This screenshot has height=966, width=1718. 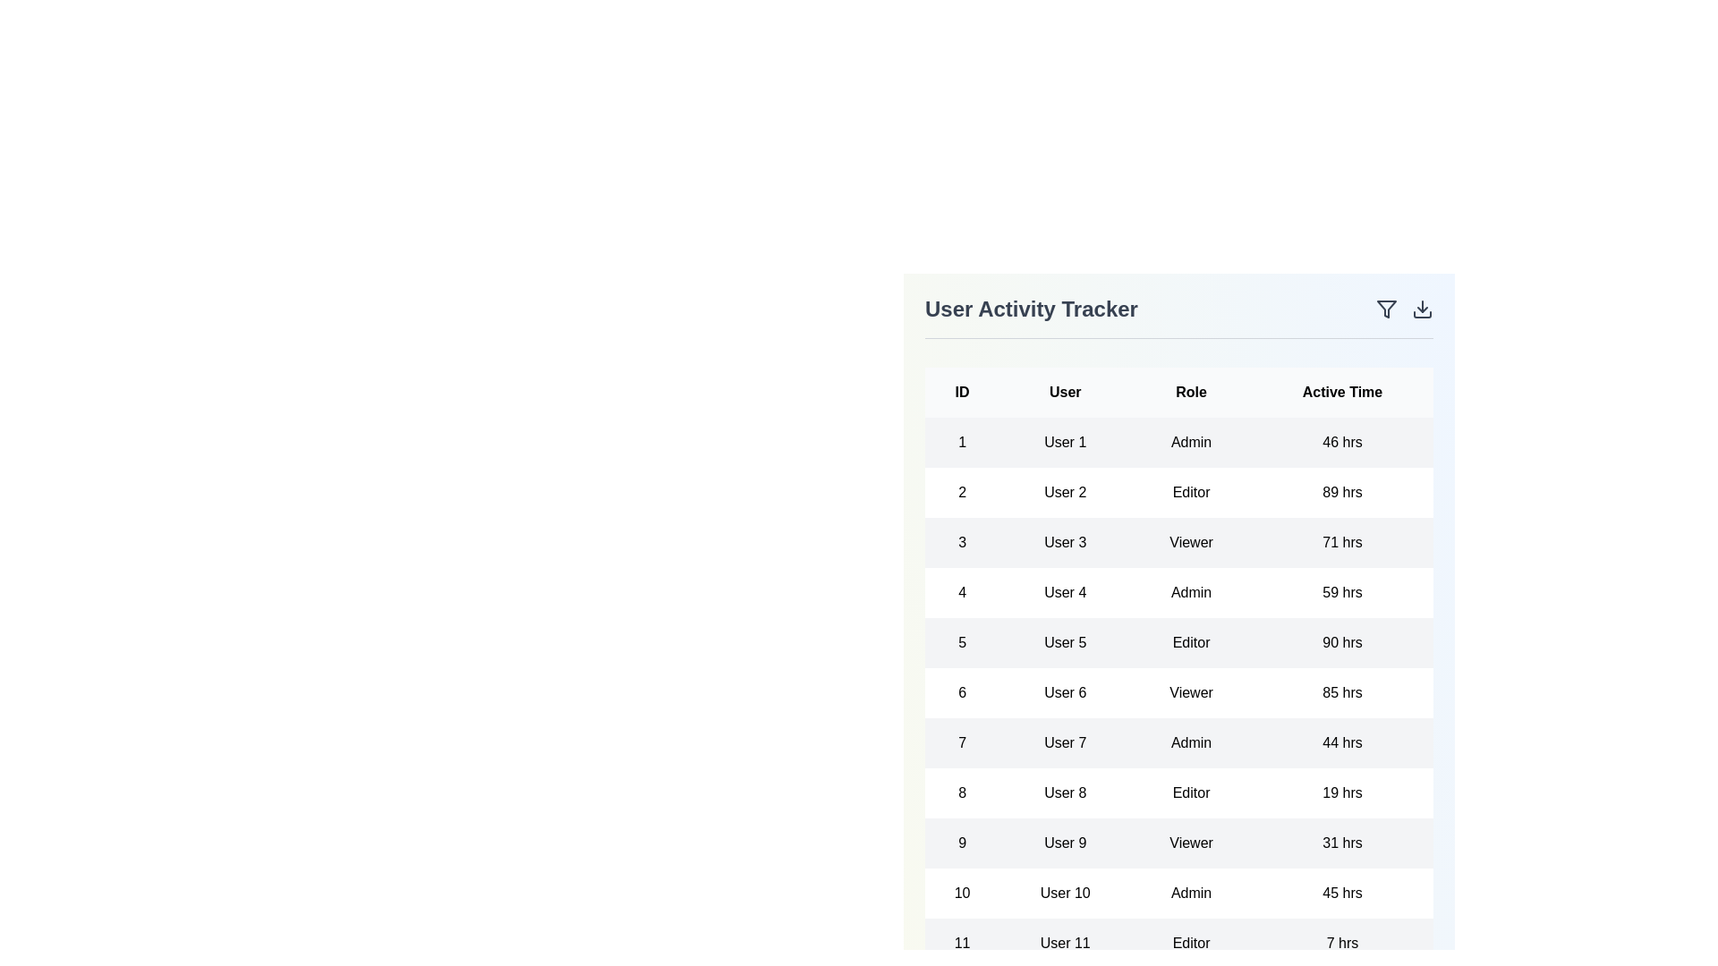 What do you see at coordinates (1421, 309) in the screenshot?
I see `the download icon to initiate data export` at bounding box center [1421, 309].